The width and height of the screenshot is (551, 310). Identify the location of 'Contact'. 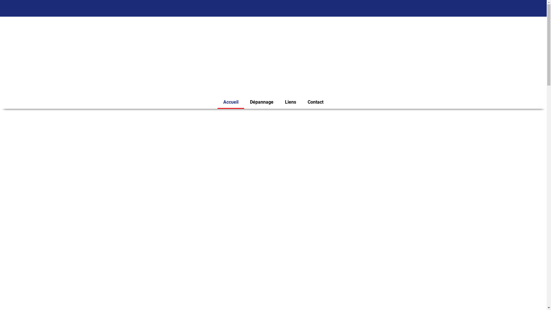
(315, 102).